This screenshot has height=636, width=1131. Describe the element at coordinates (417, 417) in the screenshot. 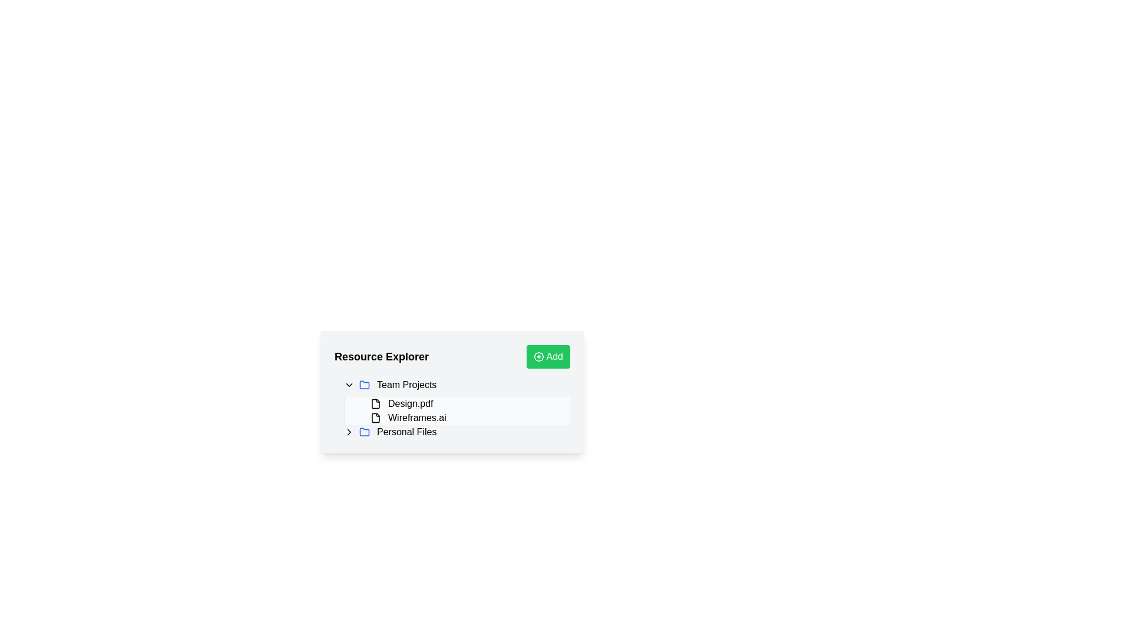

I see `the text label displaying 'Wireframes.ai', which is positioned horizontally aligned with a file icon to its left` at that location.